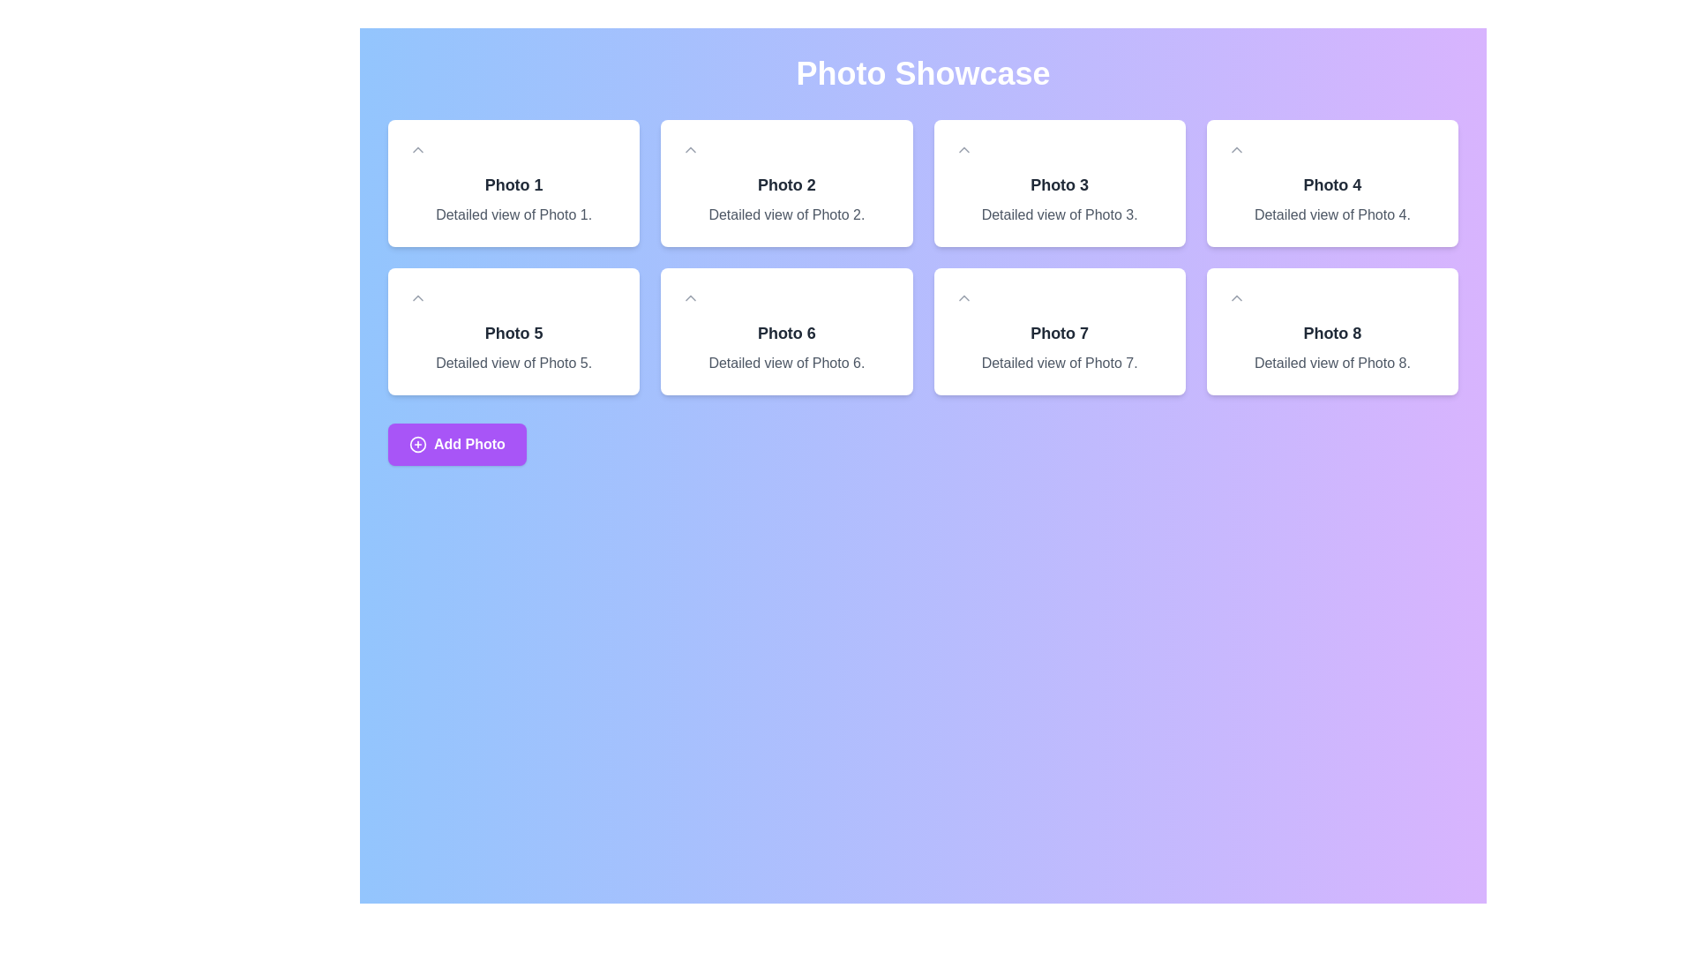 The width and height of the screenshot is (1694, 953). What do you see at coordinates (922, 73) in the screenshot?
I see `the bold, white static text that says 'Photo Showcase', which is centered at the top of the interface above the photo grid` at bounding box center [922, 73].